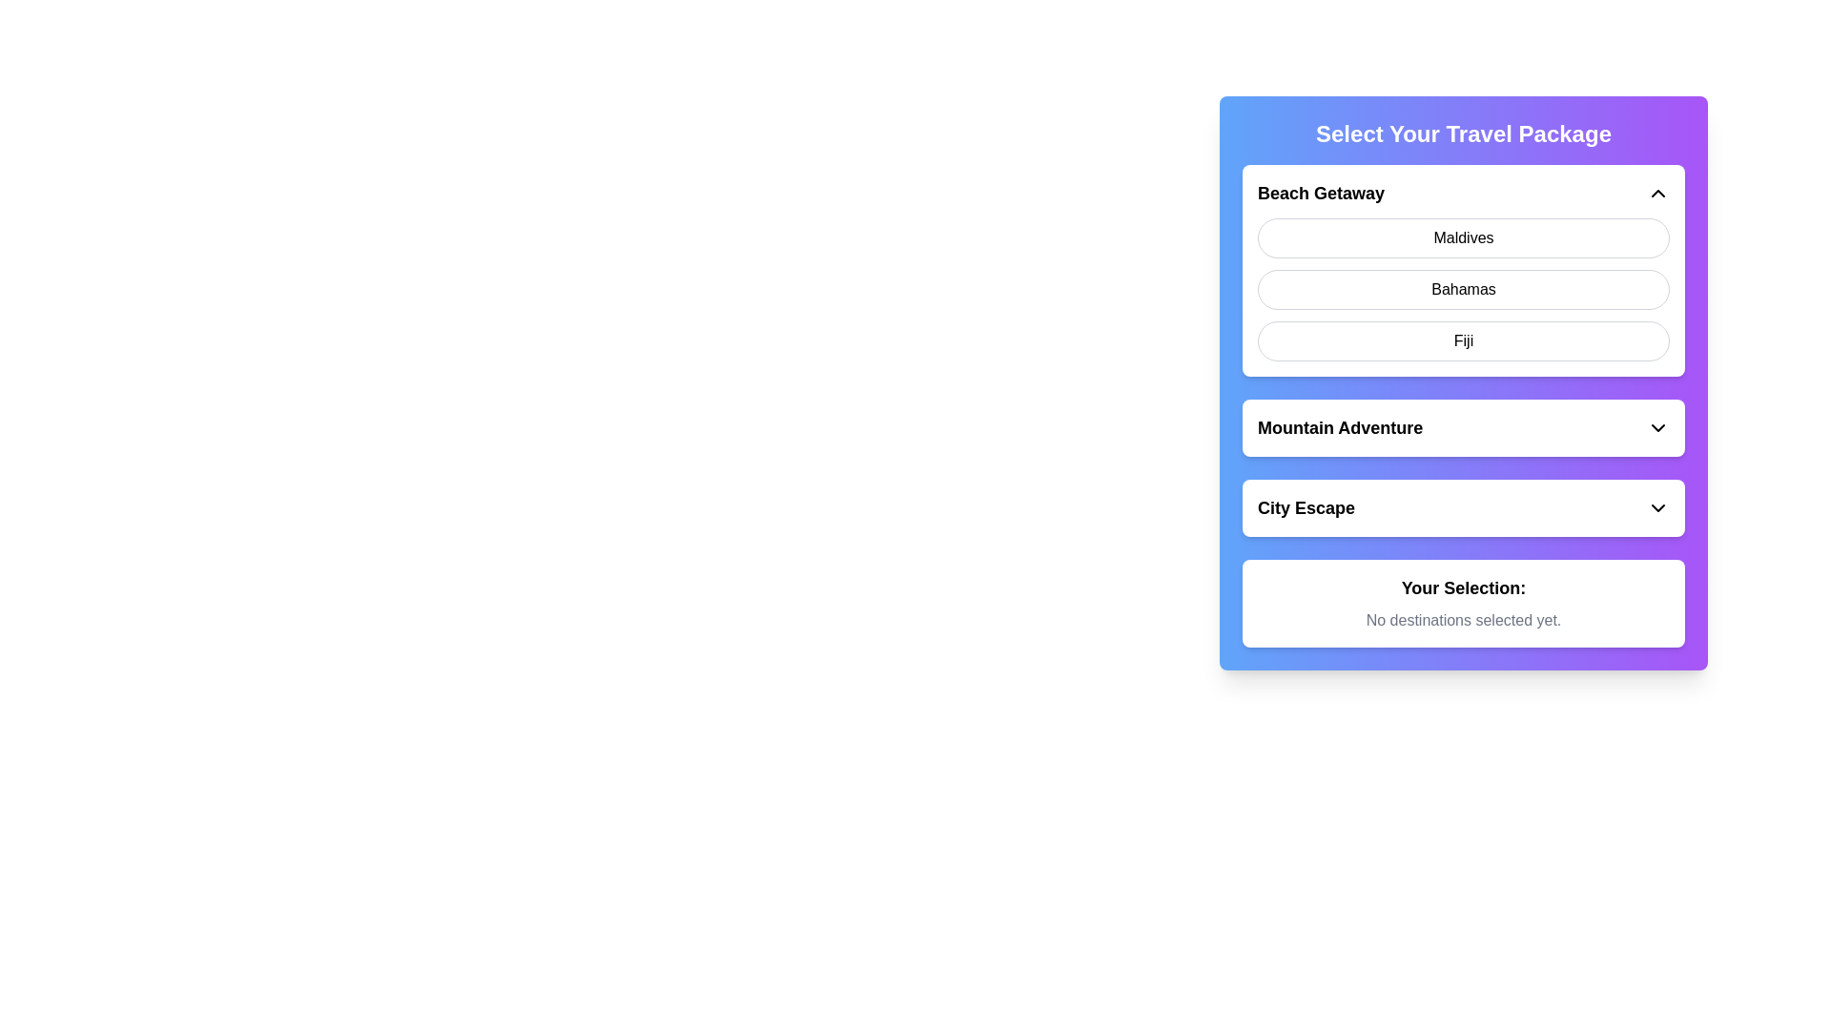 The width and height of the screenshot is (1831, 1030). What do you see at coordinates (1463, 506) in the screenshot?
I see `'City Escape' dropdown menu for accessibility or developer tools by clicking on its center point` at bounding box center [1463, 506].